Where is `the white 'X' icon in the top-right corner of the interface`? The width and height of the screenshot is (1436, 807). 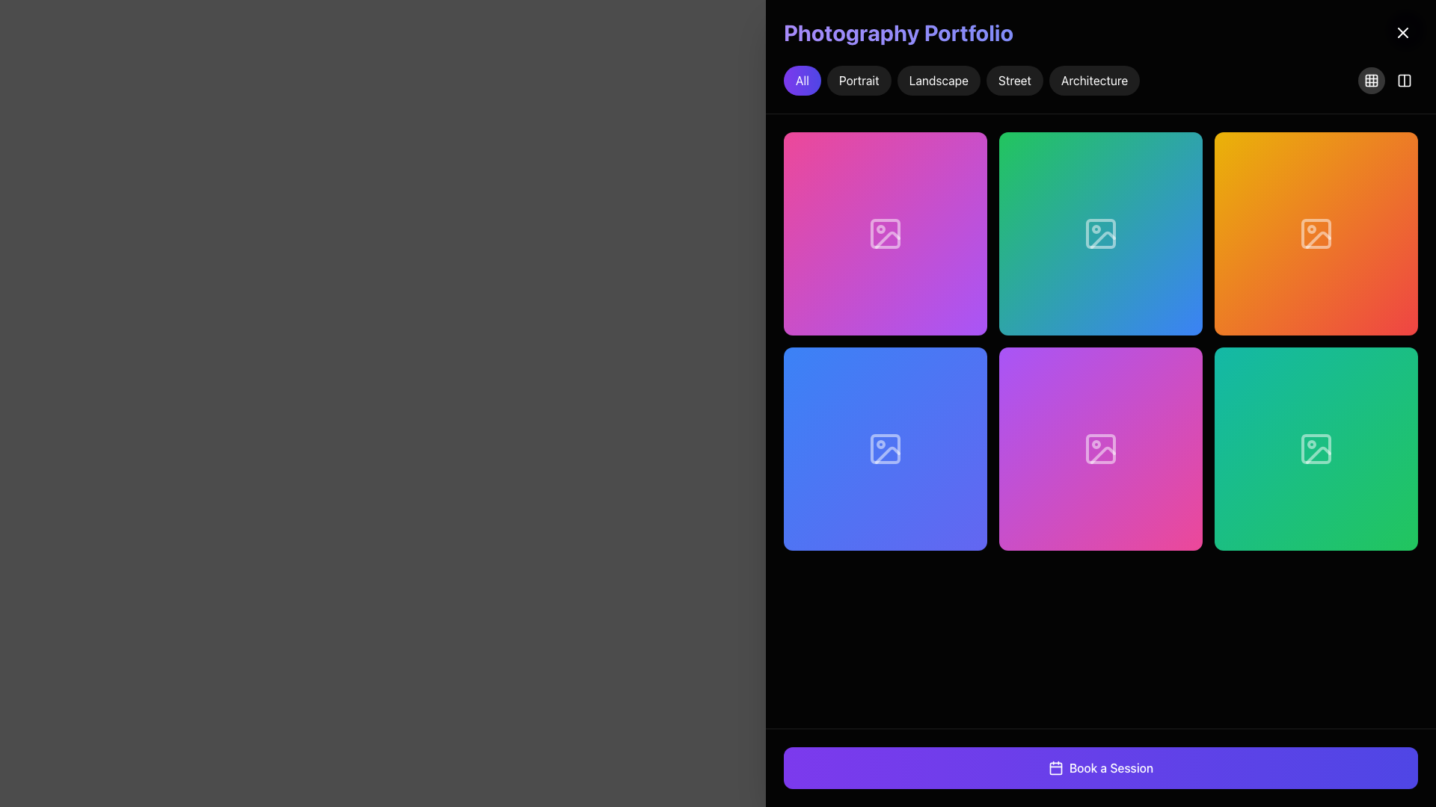 the white 'X' icon in the top-right corner of the interface is located at coordinates (1402, 32).